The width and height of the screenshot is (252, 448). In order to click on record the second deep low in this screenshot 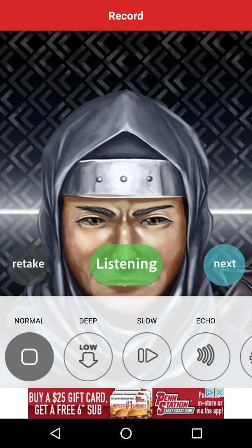, I will do `click(88, 356)`.